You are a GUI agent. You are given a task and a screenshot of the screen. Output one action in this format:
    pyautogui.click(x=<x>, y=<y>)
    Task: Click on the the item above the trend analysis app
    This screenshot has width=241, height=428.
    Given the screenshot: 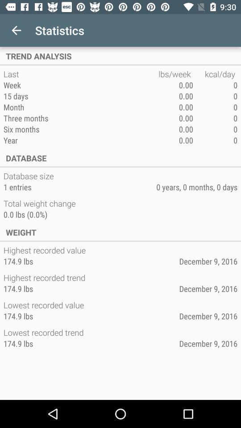 What is the action you would take?
    pyautogui.click(x=16, y=30)
    